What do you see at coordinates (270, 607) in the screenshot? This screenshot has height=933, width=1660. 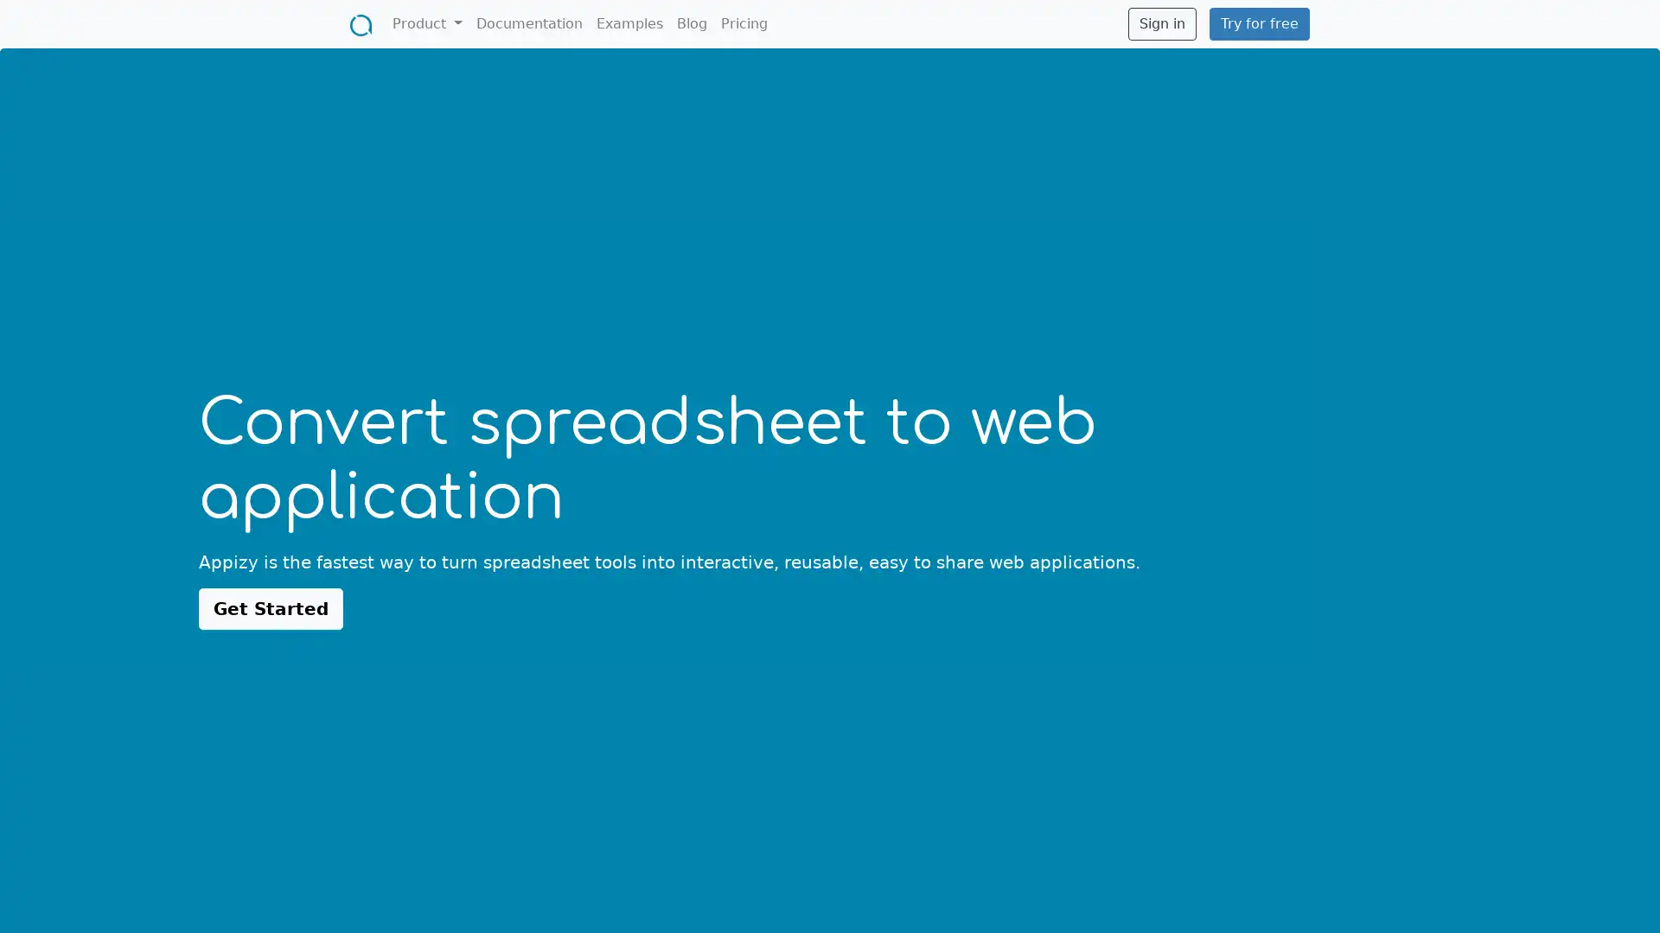 I see `Get Started` at bounding box center [270, 607].